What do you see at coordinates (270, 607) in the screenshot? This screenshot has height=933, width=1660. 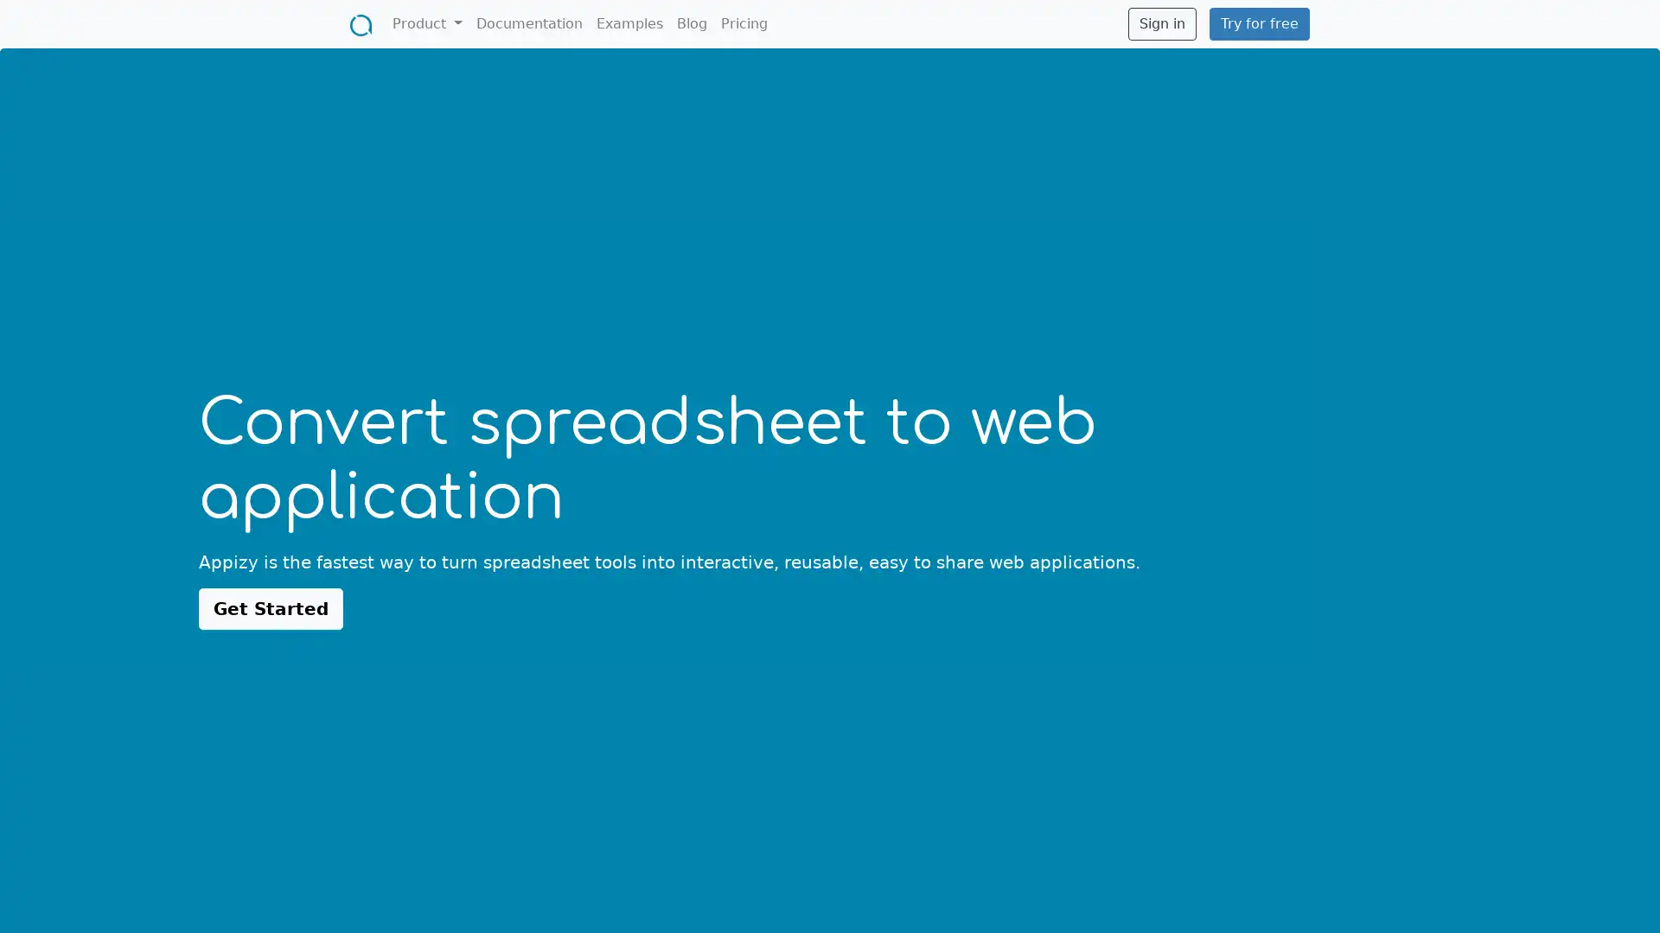 I see `Get Started` at bounding box center [270, 607].